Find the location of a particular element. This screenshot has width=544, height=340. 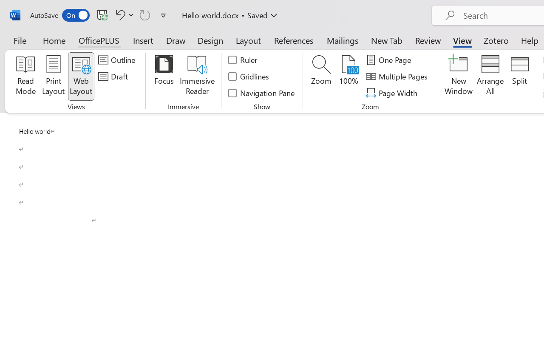

'Focus' is located at coordinates (164, 76).